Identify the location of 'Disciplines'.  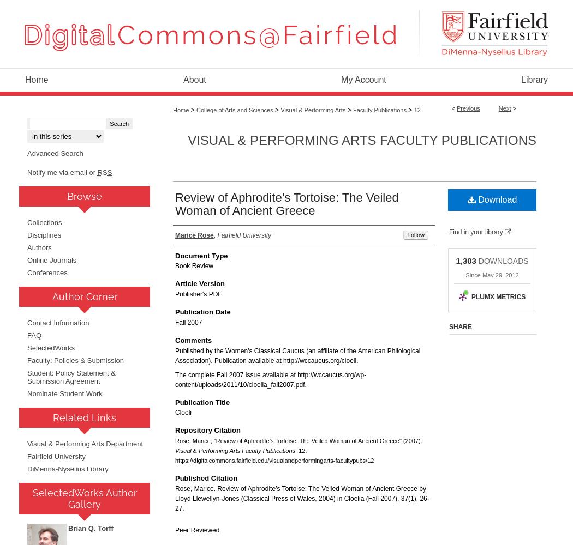
(44, 234).